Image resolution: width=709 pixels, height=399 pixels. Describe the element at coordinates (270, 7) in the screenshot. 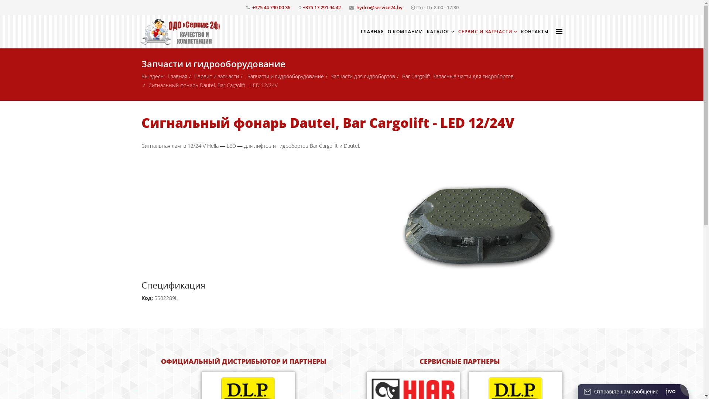

I see `'+375 44 790 00 36'` at that location.